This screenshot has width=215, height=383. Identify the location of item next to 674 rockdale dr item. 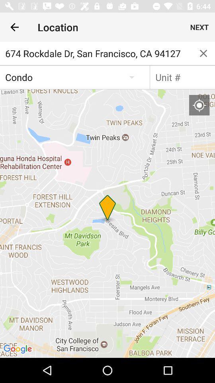
(203, 53).